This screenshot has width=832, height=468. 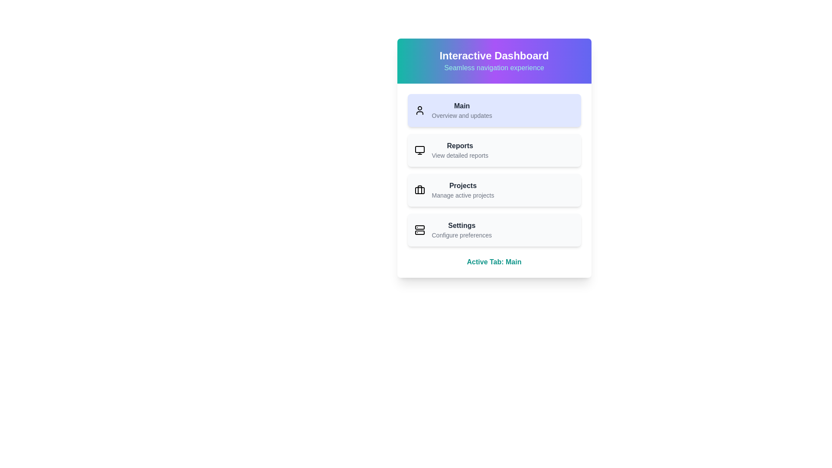 I want to click on the menu item Reports to view its hover effect, so click(x=494, y=150).